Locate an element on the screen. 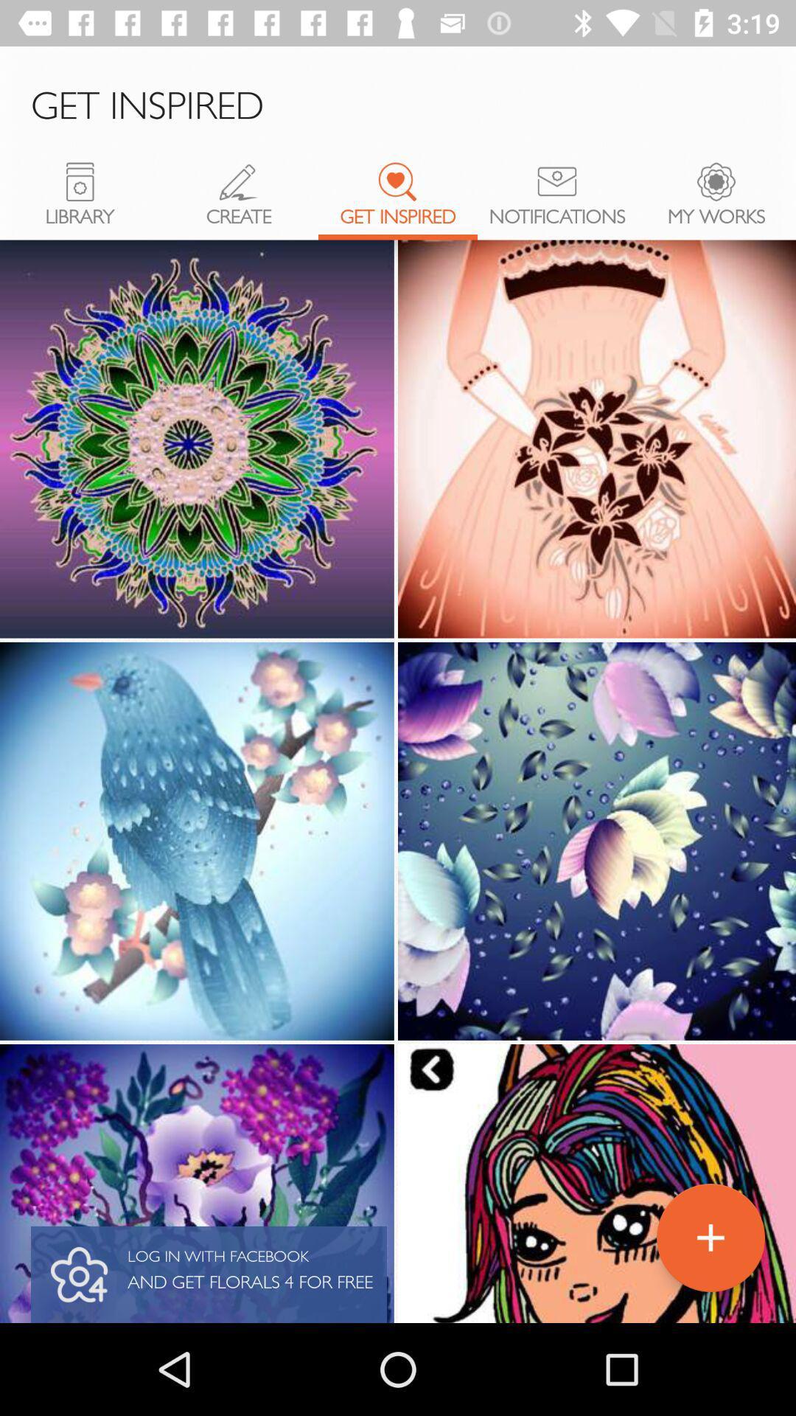 The width and height of the screenshot is (796, 1416). the add icon is located at coordinates (710, 1238).